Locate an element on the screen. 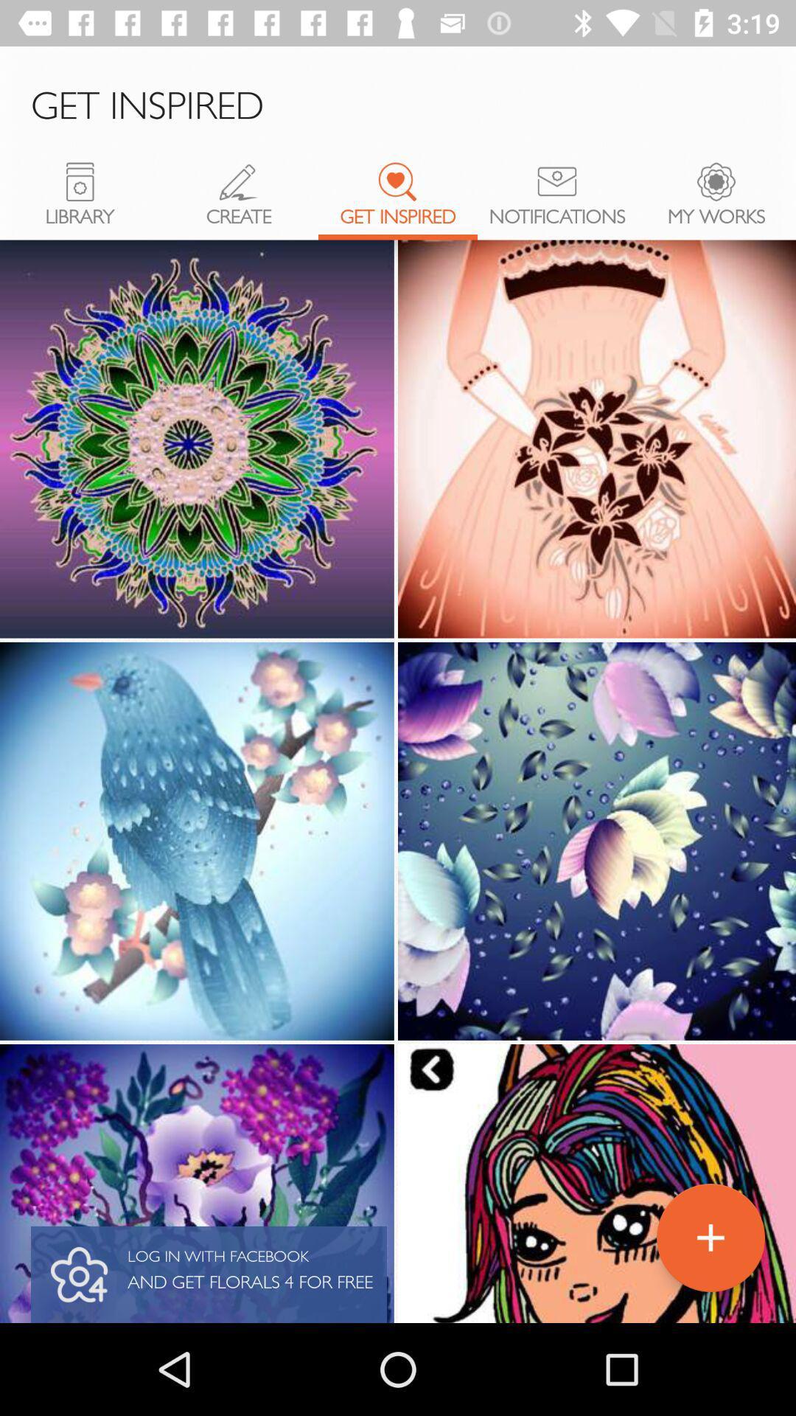 The width and height of the screenshot is (796, 1416). the add icon is located at coordinates (710, 1238).